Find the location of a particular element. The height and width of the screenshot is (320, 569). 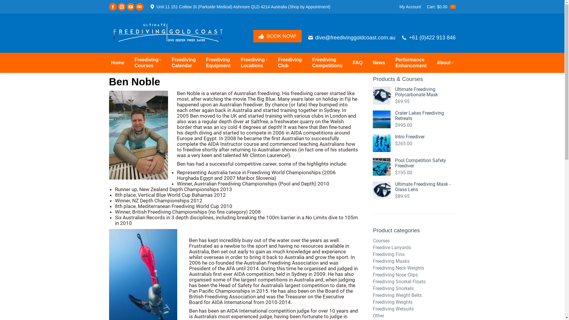

'Cart: is located at coordinates (441, 7).